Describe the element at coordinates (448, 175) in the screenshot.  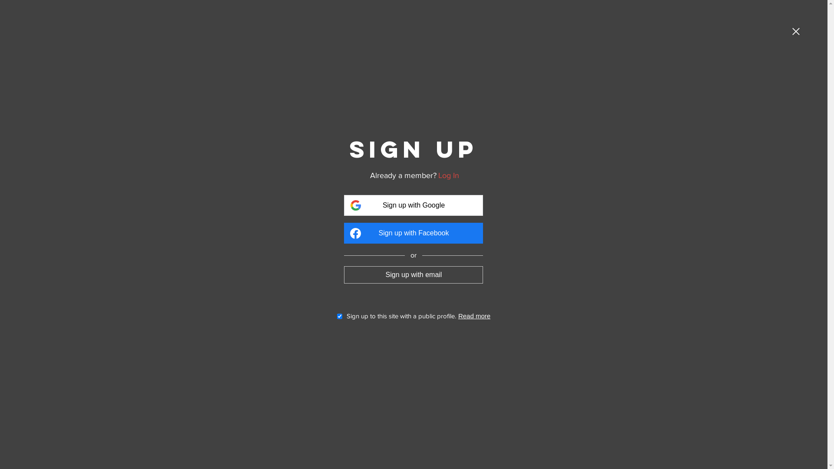
I see `'Log In'` at that location.